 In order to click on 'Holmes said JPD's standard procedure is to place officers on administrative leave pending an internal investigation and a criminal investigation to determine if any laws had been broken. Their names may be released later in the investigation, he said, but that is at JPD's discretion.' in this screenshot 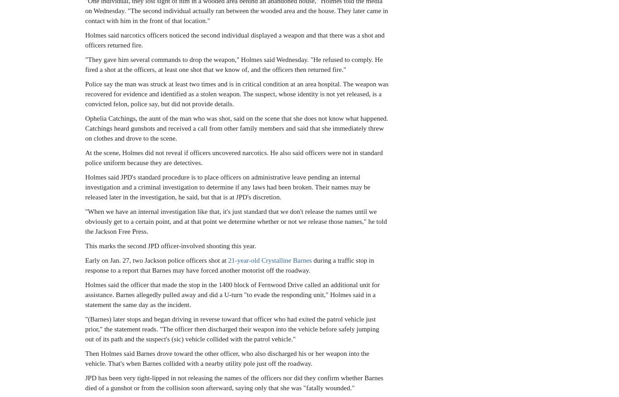, I will do `click(227, 187)`.